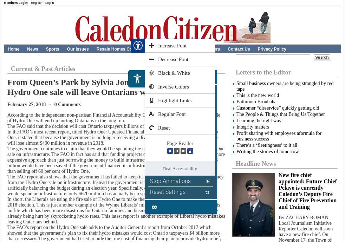 Image resolution: width=345 pixels, height=242 pixels. Describe the element at coordinates (236, 145) in the screenshot. I see `'There’s a ‘fleetingness’ to it all'` at that location.